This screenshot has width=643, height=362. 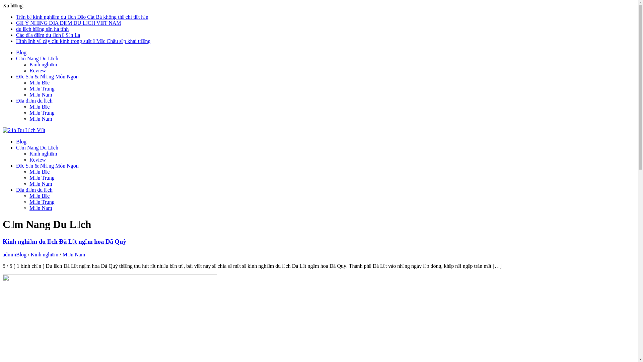 What do you see at coordinates (9, 254) in the screenshot?
I see `'admin'` at bounding box center [9, 254].